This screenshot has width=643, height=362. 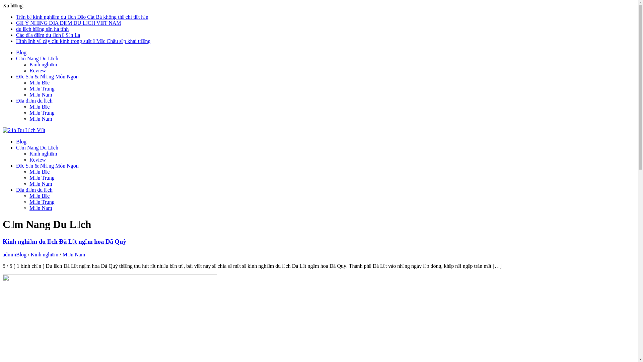 What do you see at coordinates (9, 254) in the screenshot?
I see `'admin'` at bounding box center [9, 254].